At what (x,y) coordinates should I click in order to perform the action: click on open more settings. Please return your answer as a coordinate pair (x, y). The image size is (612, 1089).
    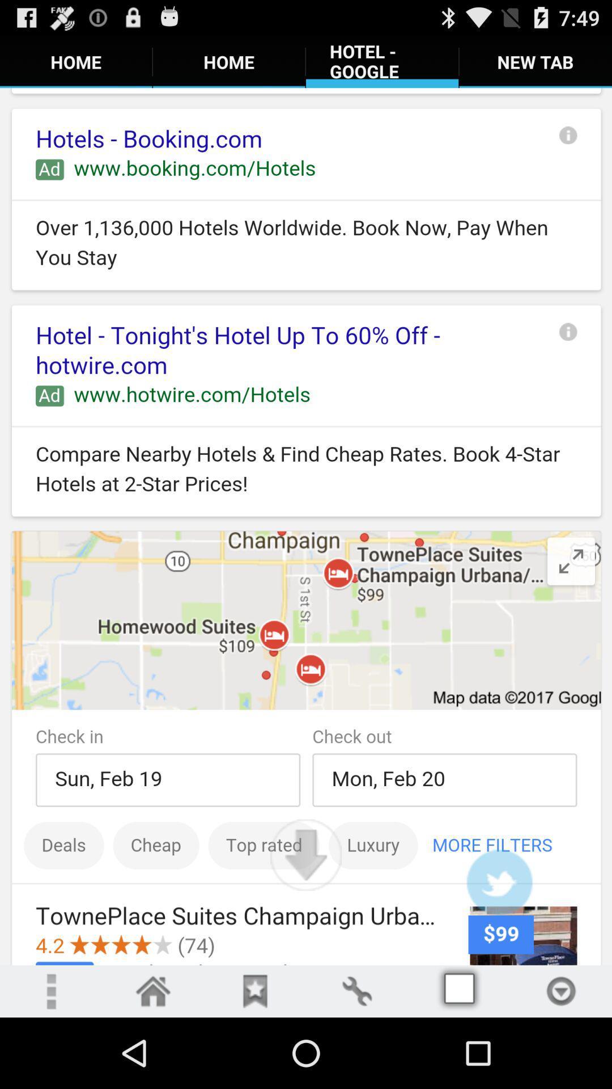
    Looking at the image, I should click on (561, 990).